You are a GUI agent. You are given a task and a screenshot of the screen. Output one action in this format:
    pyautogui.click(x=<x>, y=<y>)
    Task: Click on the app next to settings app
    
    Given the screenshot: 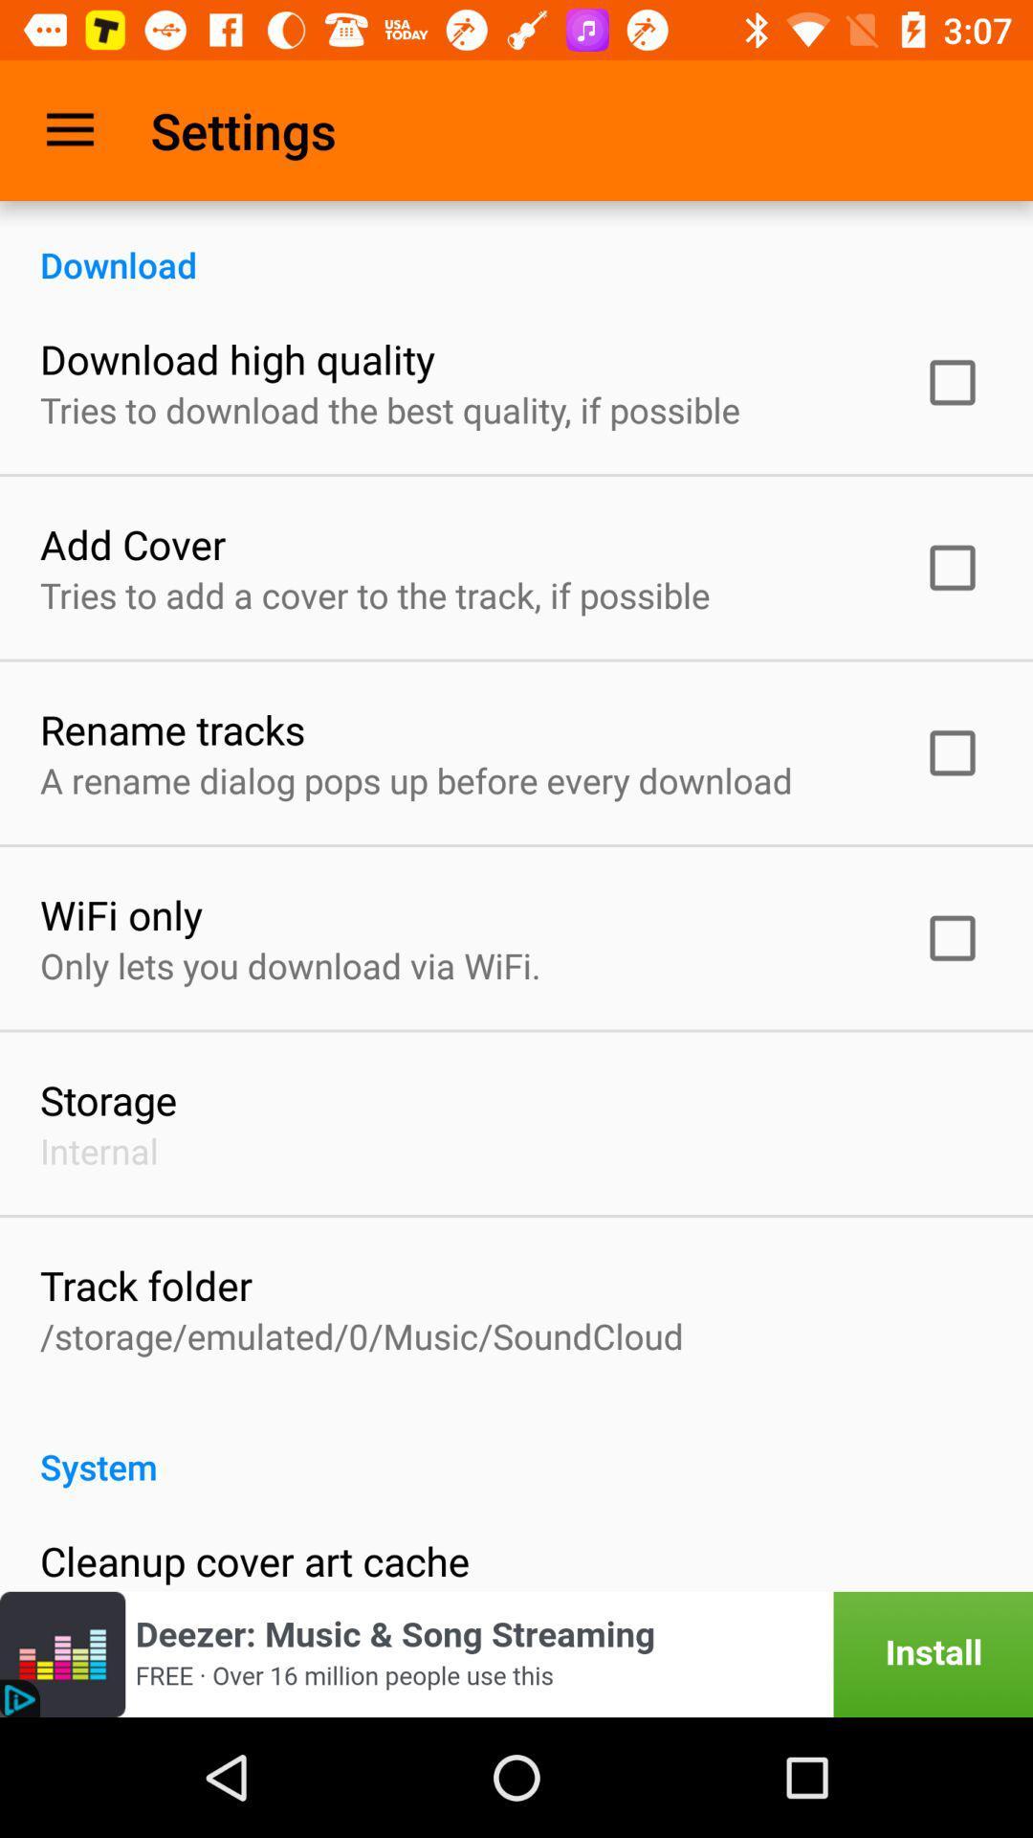 What is the action you would take?
    pyautogui.click(x=69, y=129)
    